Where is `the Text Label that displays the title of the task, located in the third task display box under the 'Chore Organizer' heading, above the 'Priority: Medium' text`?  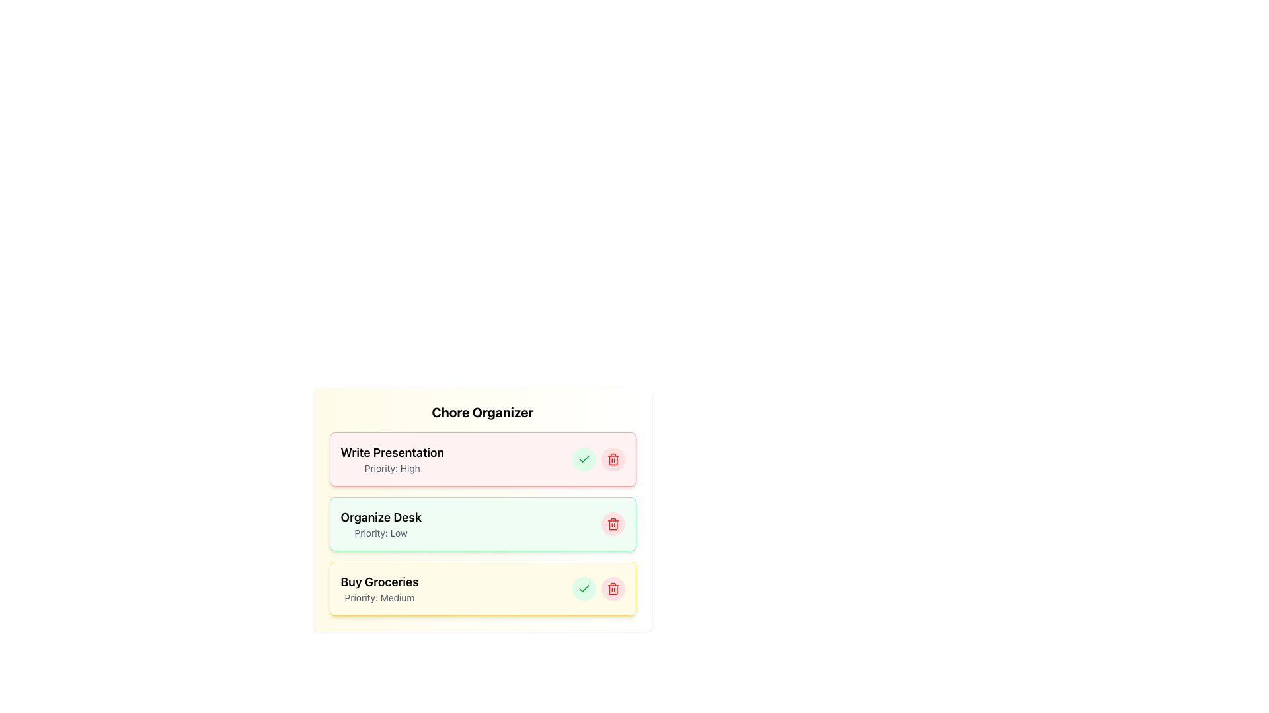
the Text Label that displays the title of the task, located in the third task display box under the 'Chore Organizer' heading, above the 'Priority: Medium' text is located at coordinates (379, 582).